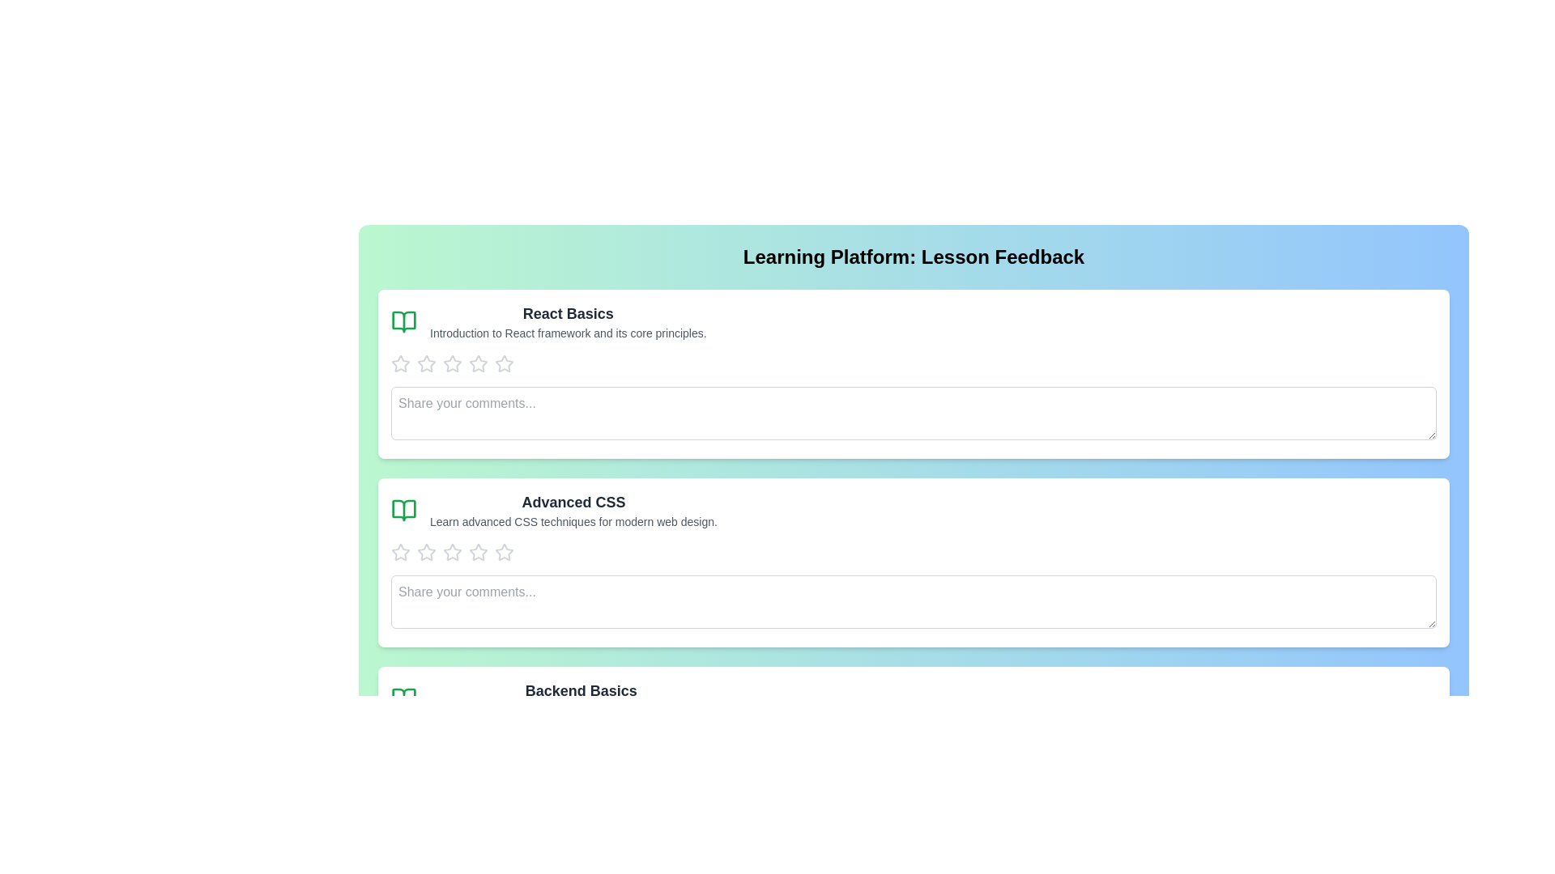 The width and height of the screenshot is (1555, 874). Describe the element at coordinates (400, 551) in the screenshot. I see `the leftmost star in the rating star component for the 'Advanced CSS' feedback section` at that location.